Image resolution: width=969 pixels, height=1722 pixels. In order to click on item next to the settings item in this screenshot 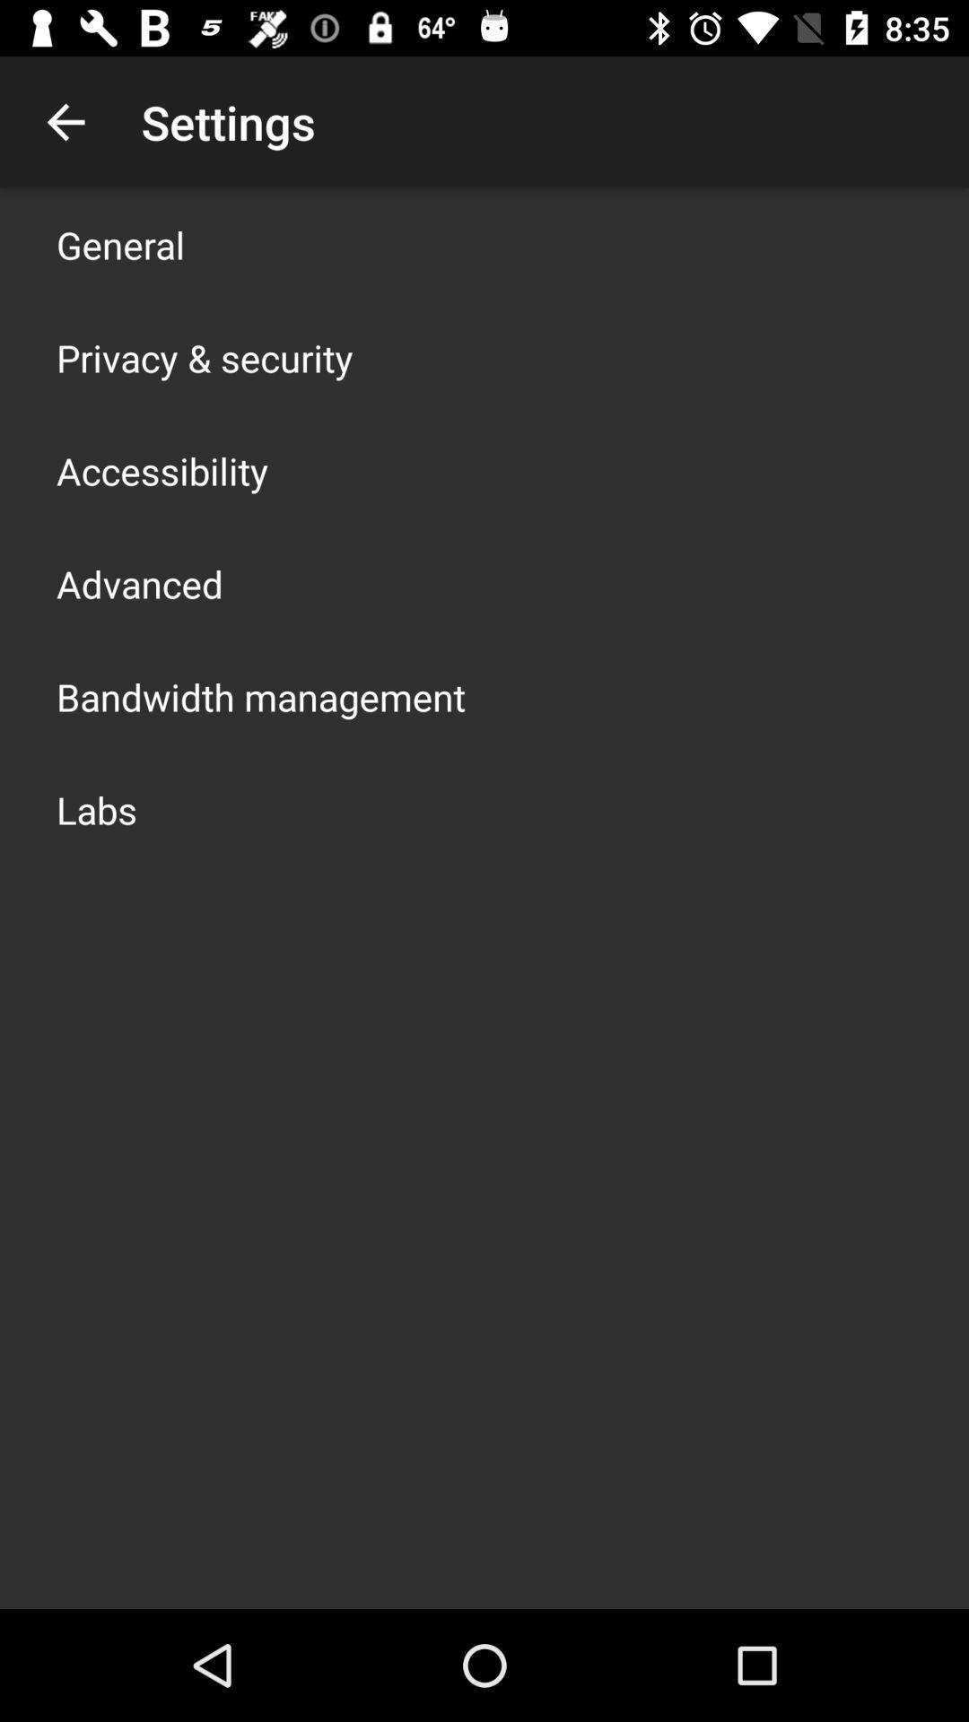, I will do `click(65, 121)`.